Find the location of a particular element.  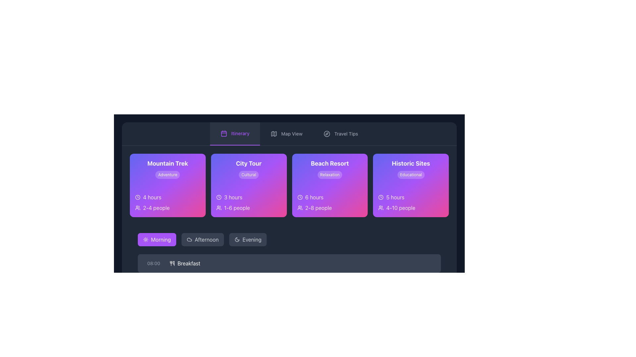

text label with an icon that indicates the suitable range of people (1 to 6) for the 'City Tour', located in the lower section of the second card in a horizontally arranged group of cards is located at coordinates (248, 207).